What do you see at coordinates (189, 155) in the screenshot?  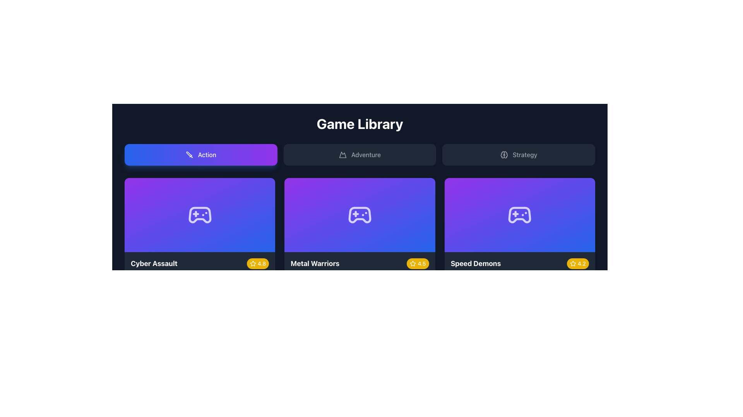 I see `decorative SVG icon that is positioned to the left side of the 'Action' button, which is the first button in the top row, located to the left of the 'Adventure' and 'Strategy' buttons` at bounding box center [189, 155].